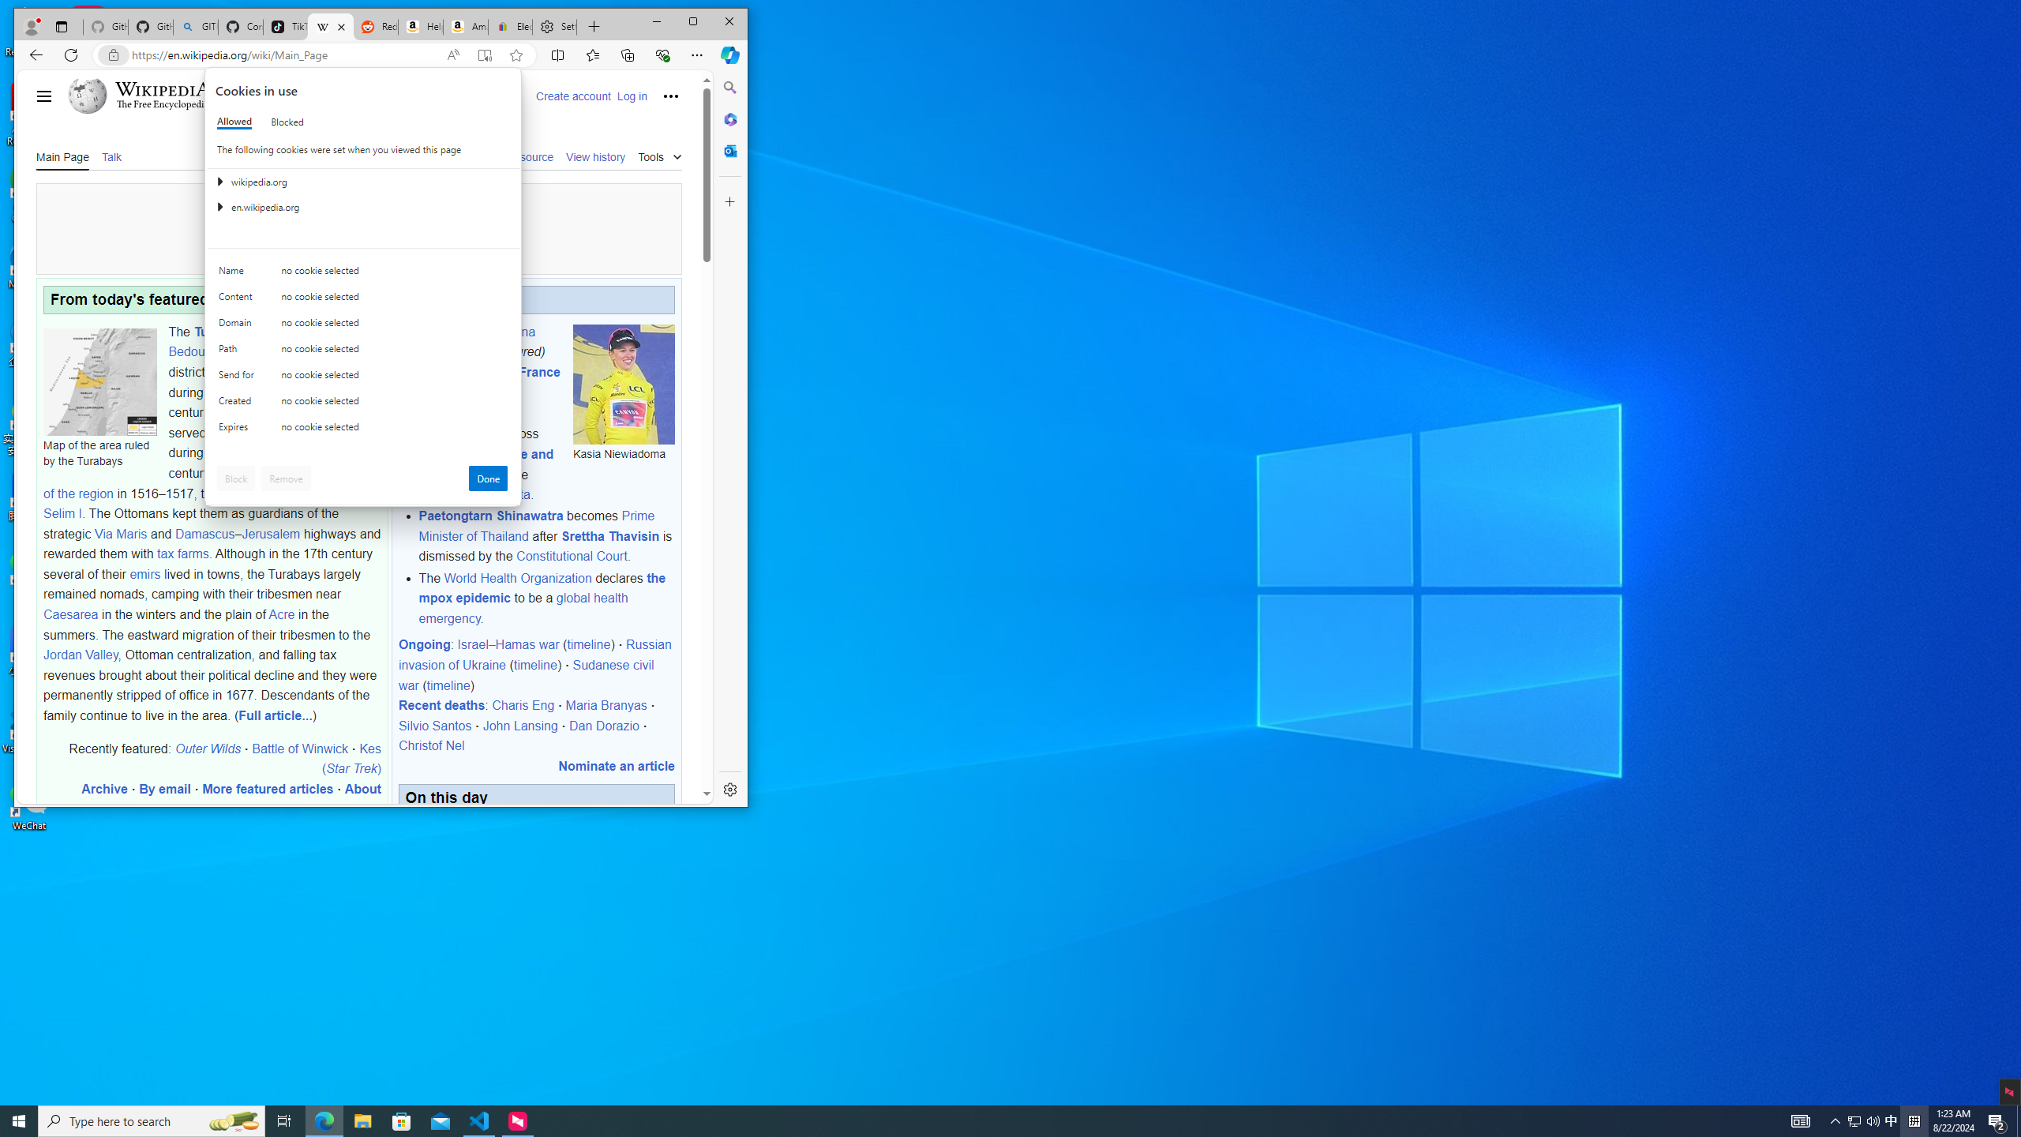  What do you see at coordinates (1873, 1120) in the screenshot?
I see `'Q2790: 100%'` at bounding box center [1873, 1120].